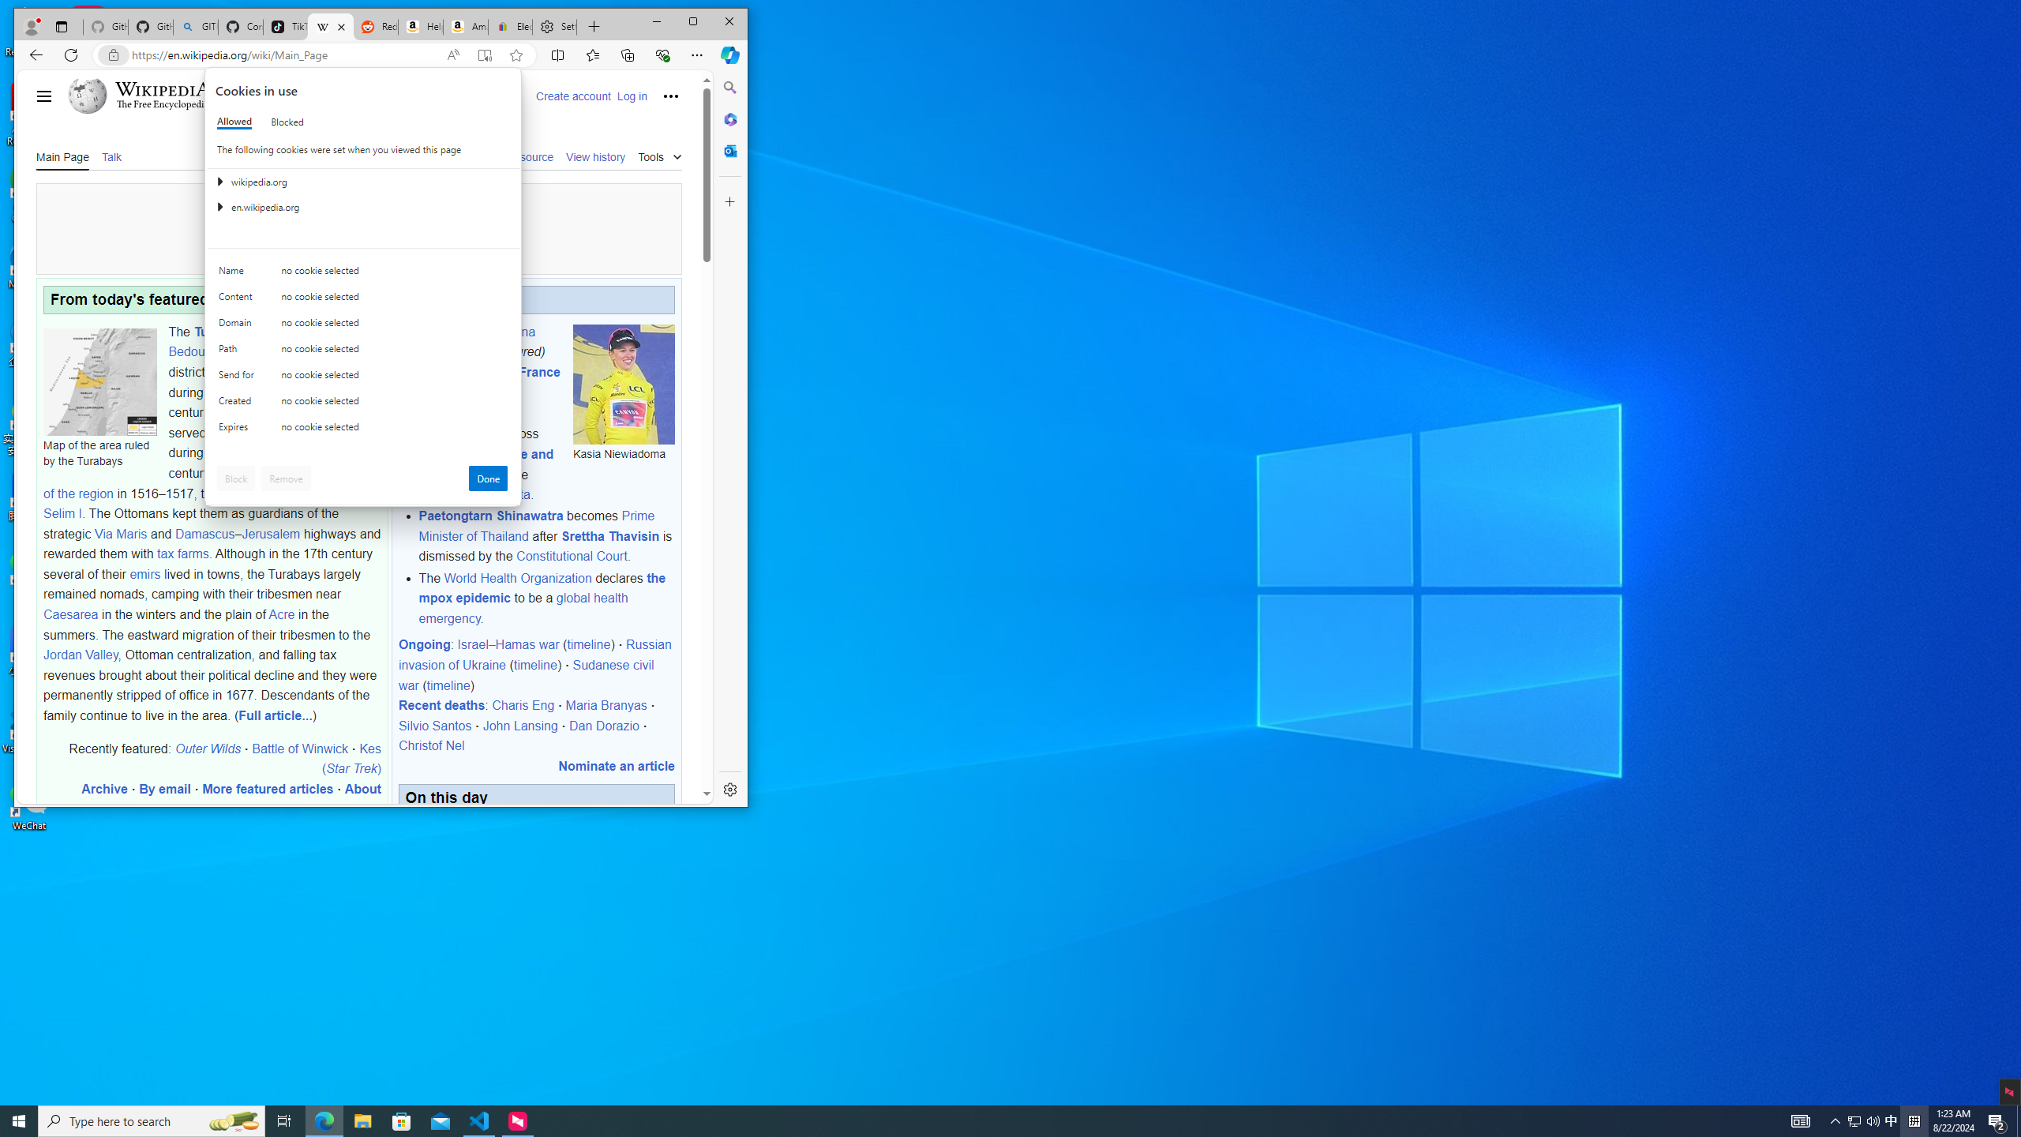  What do you see at coordinates (1873, 1120) in the screenshot?
I see `'Q2790: 100%'` at bounding box center [1873, 1120].